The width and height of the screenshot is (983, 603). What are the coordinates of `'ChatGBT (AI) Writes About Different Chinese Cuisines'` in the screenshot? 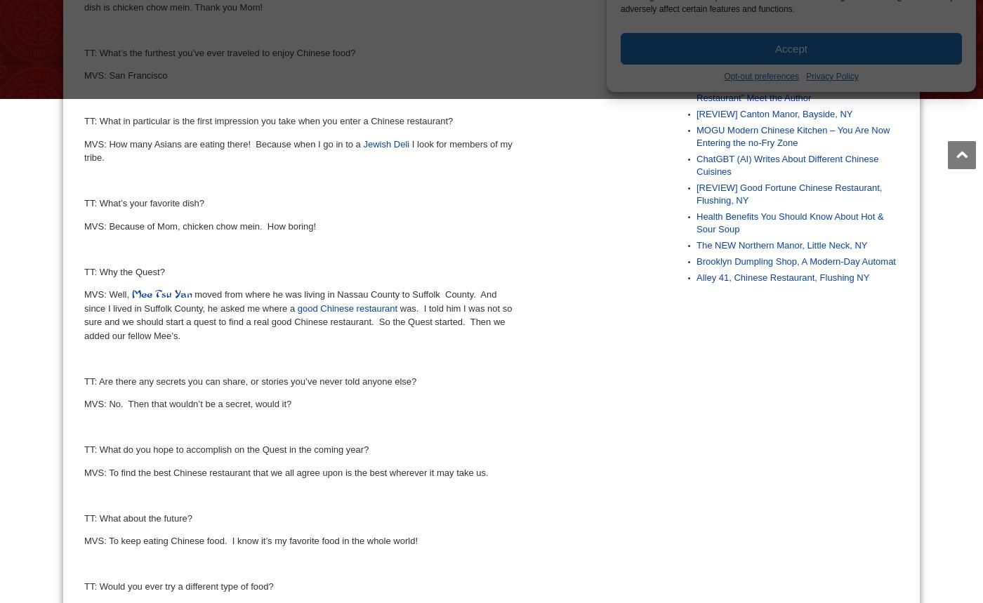 It's located at (787, 164).